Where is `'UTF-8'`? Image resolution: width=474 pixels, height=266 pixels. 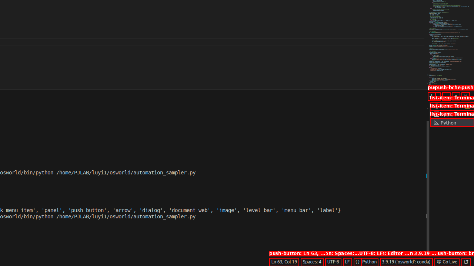
'UTF-8' is located at coordinates (333, 261).